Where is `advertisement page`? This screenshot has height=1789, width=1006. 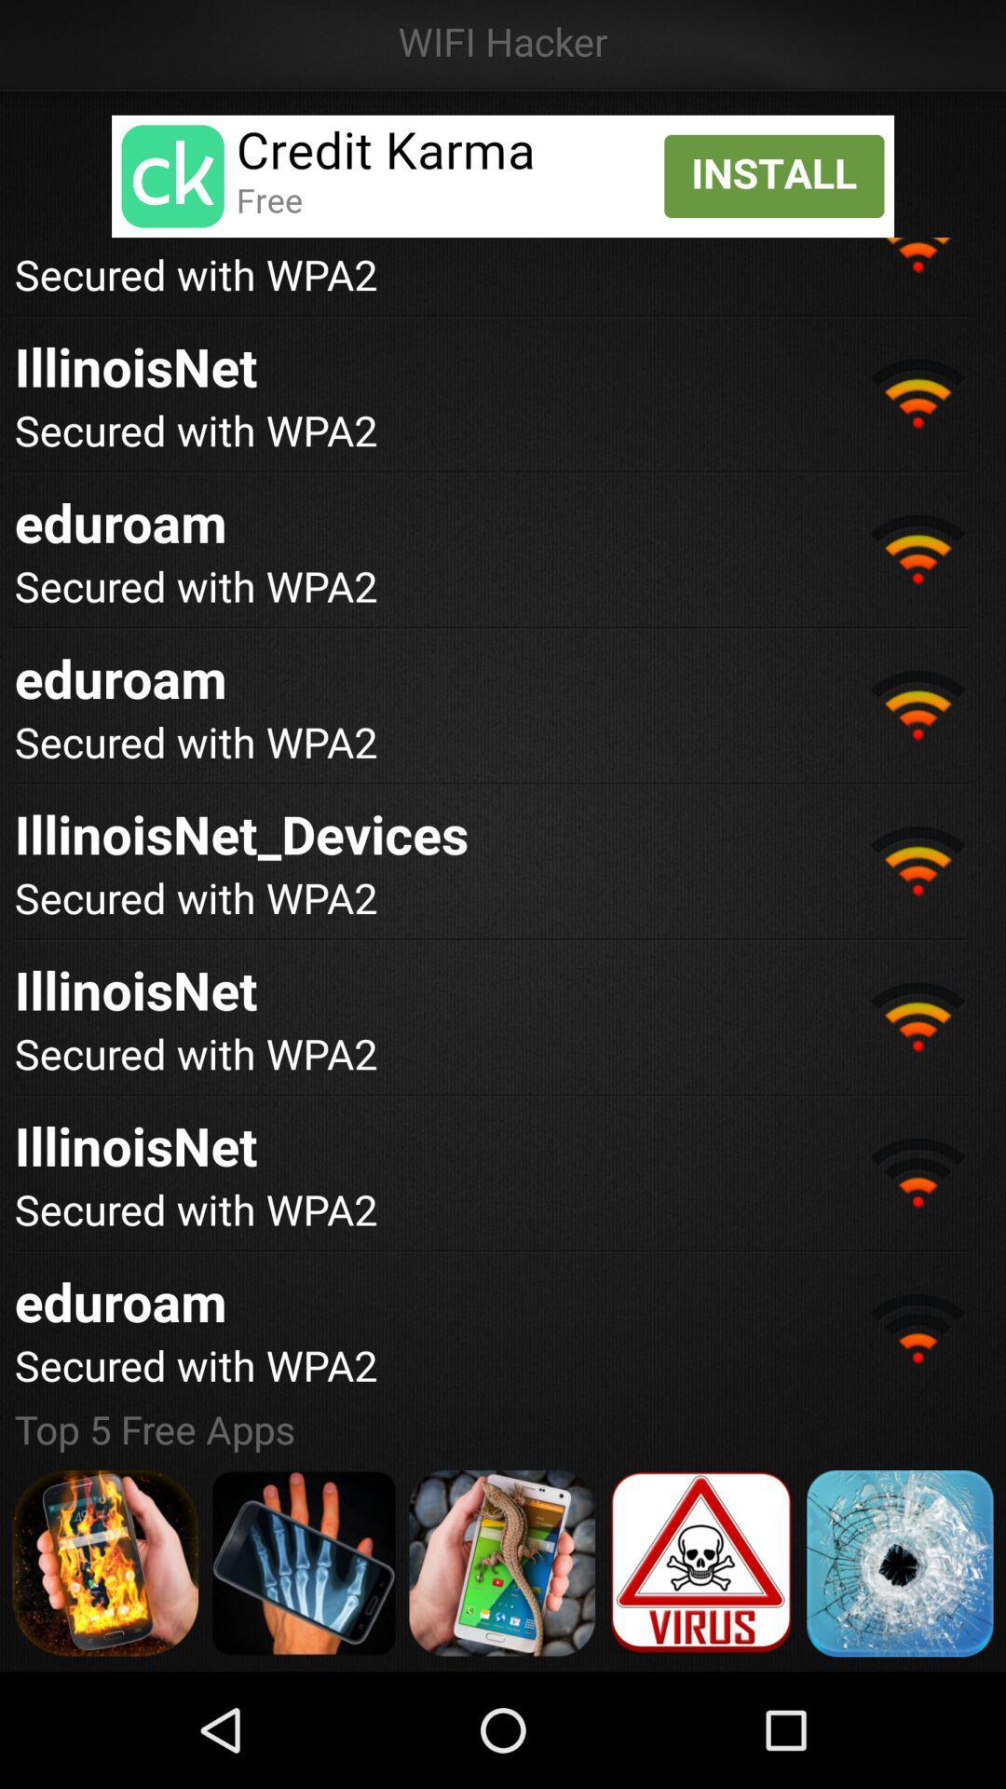
advertisement page is located at coordinates (303, 1563).